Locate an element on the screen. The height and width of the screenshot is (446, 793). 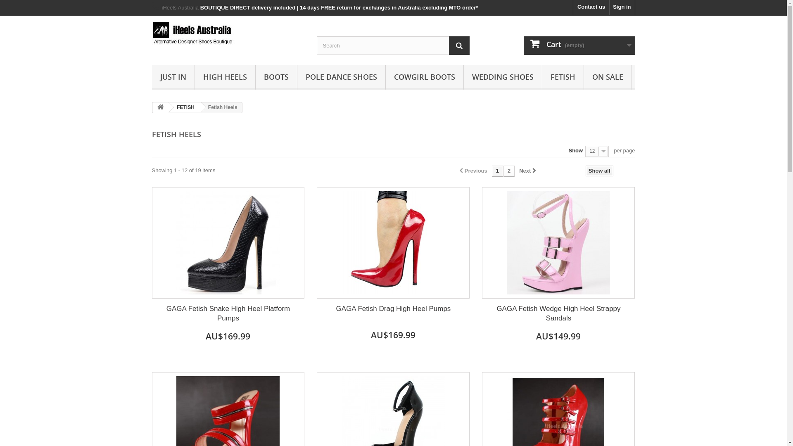
'Next' is located at coordinates (519, 171).